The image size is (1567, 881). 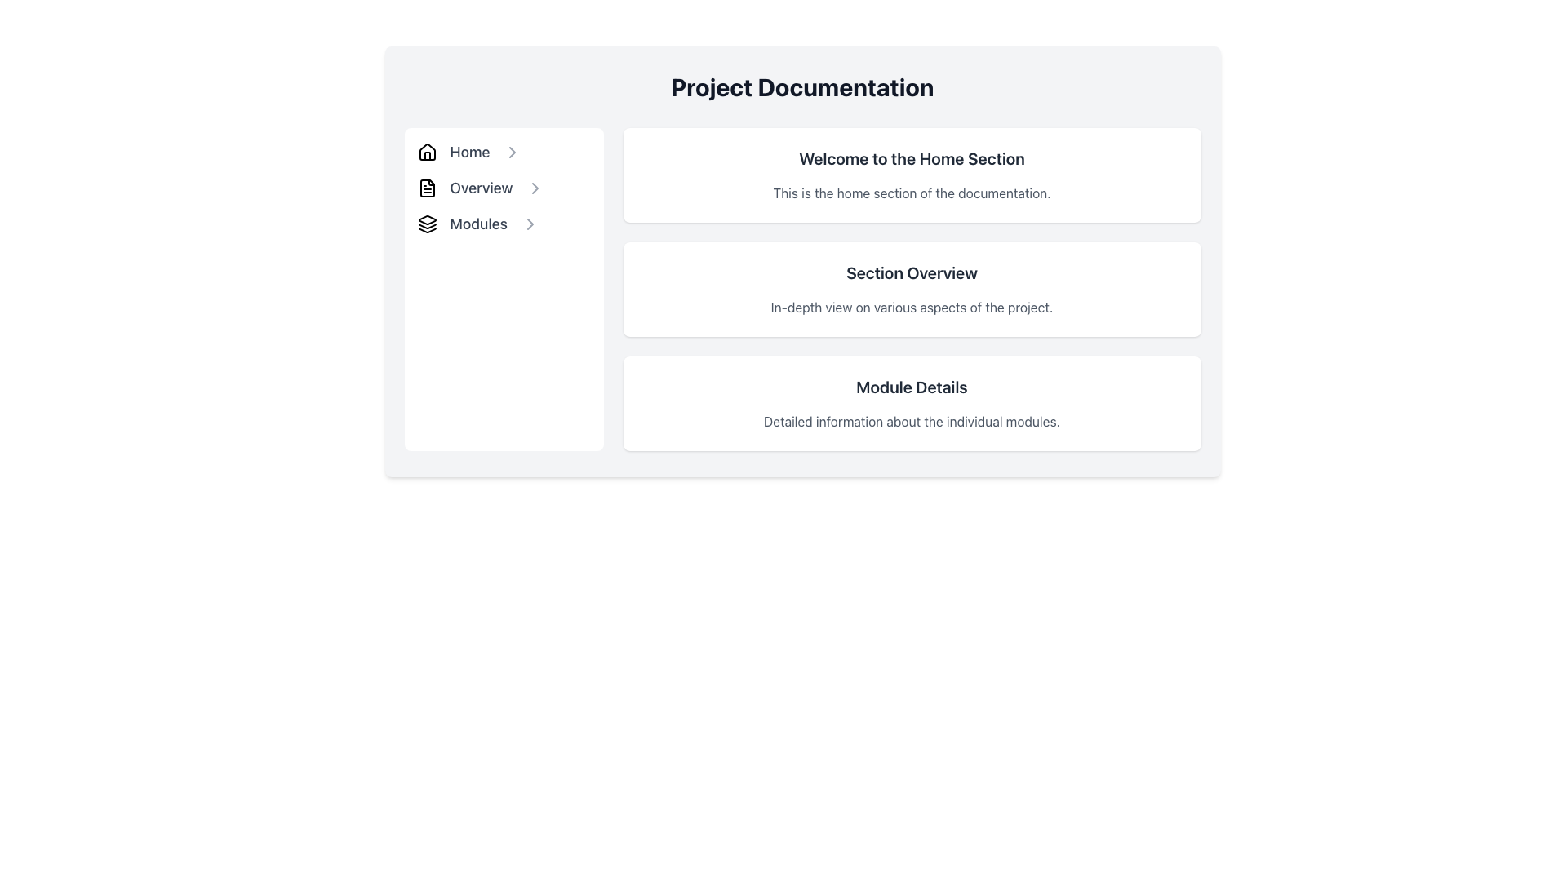 What do you see at coordinates (503, 188) in the screenshot?
I see `the 'Overview' navigation link, which is the second item in the vertical navigation list on the left side of the interface, featuring a document-like icon and a chevron icon` at bounding box center [503, 188].